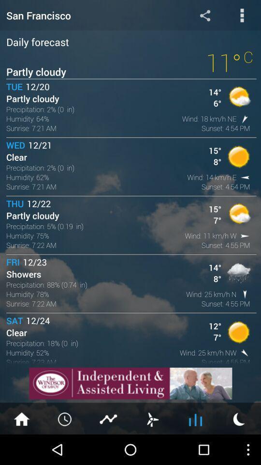  Describe the element at coordinates (21, 418) in the screenshot. I see `home screen` at that location.